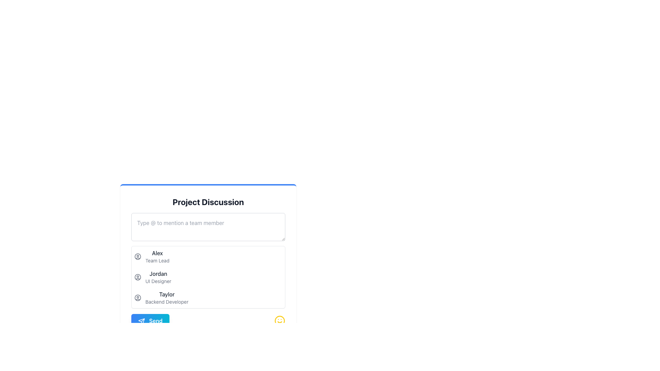 This screenshot has height=371, width=660. What do you see at coordinates (208, 257) in the screenshot?
I see `the first team member entry in the discussion participant list` at bounding box center [208, 257].